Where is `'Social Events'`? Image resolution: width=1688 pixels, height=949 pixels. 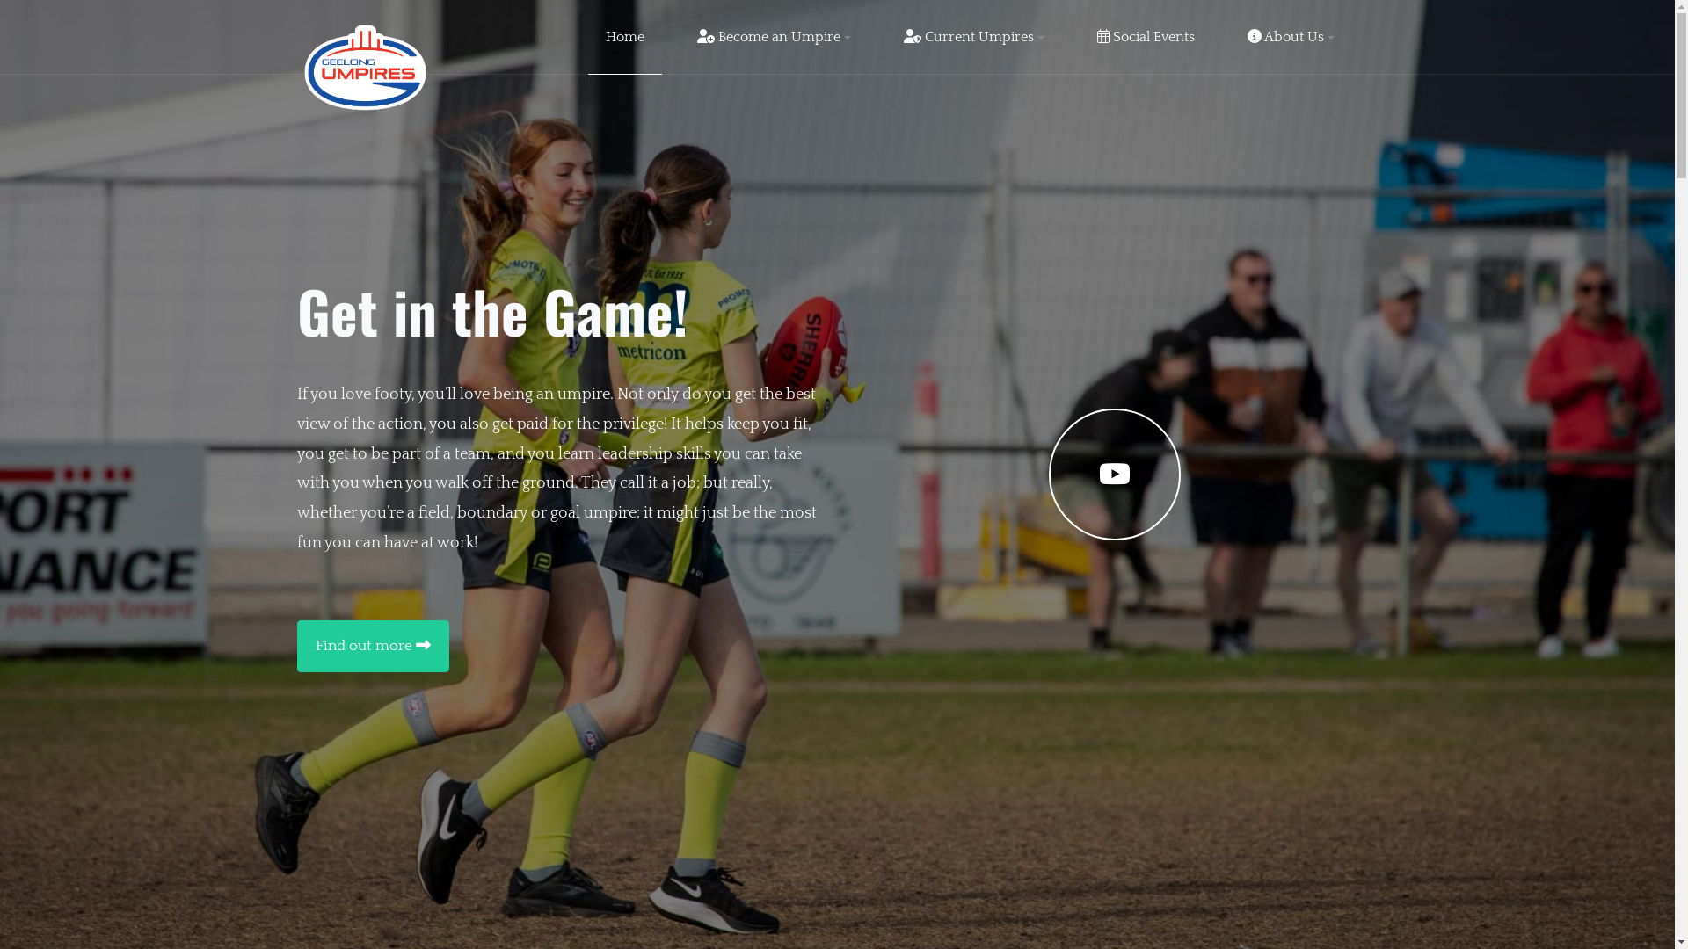 'Social Events' is located at coordinates (1146, 37).